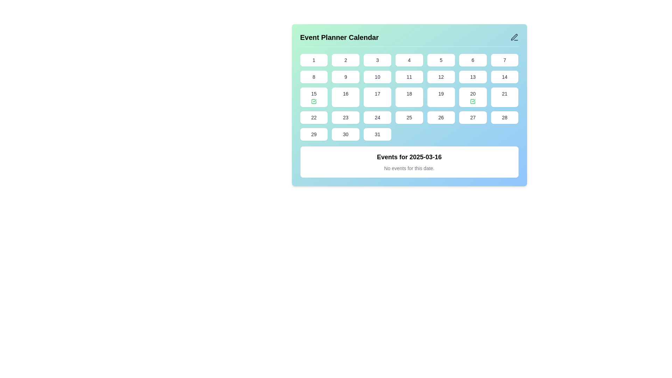 This screenshot has height=378, width=672. What do you see at coordinates (377, 77) in the screenshot?
I see `the button representing the 10th day of the month in the calendar` at bounding box center [377, 77].